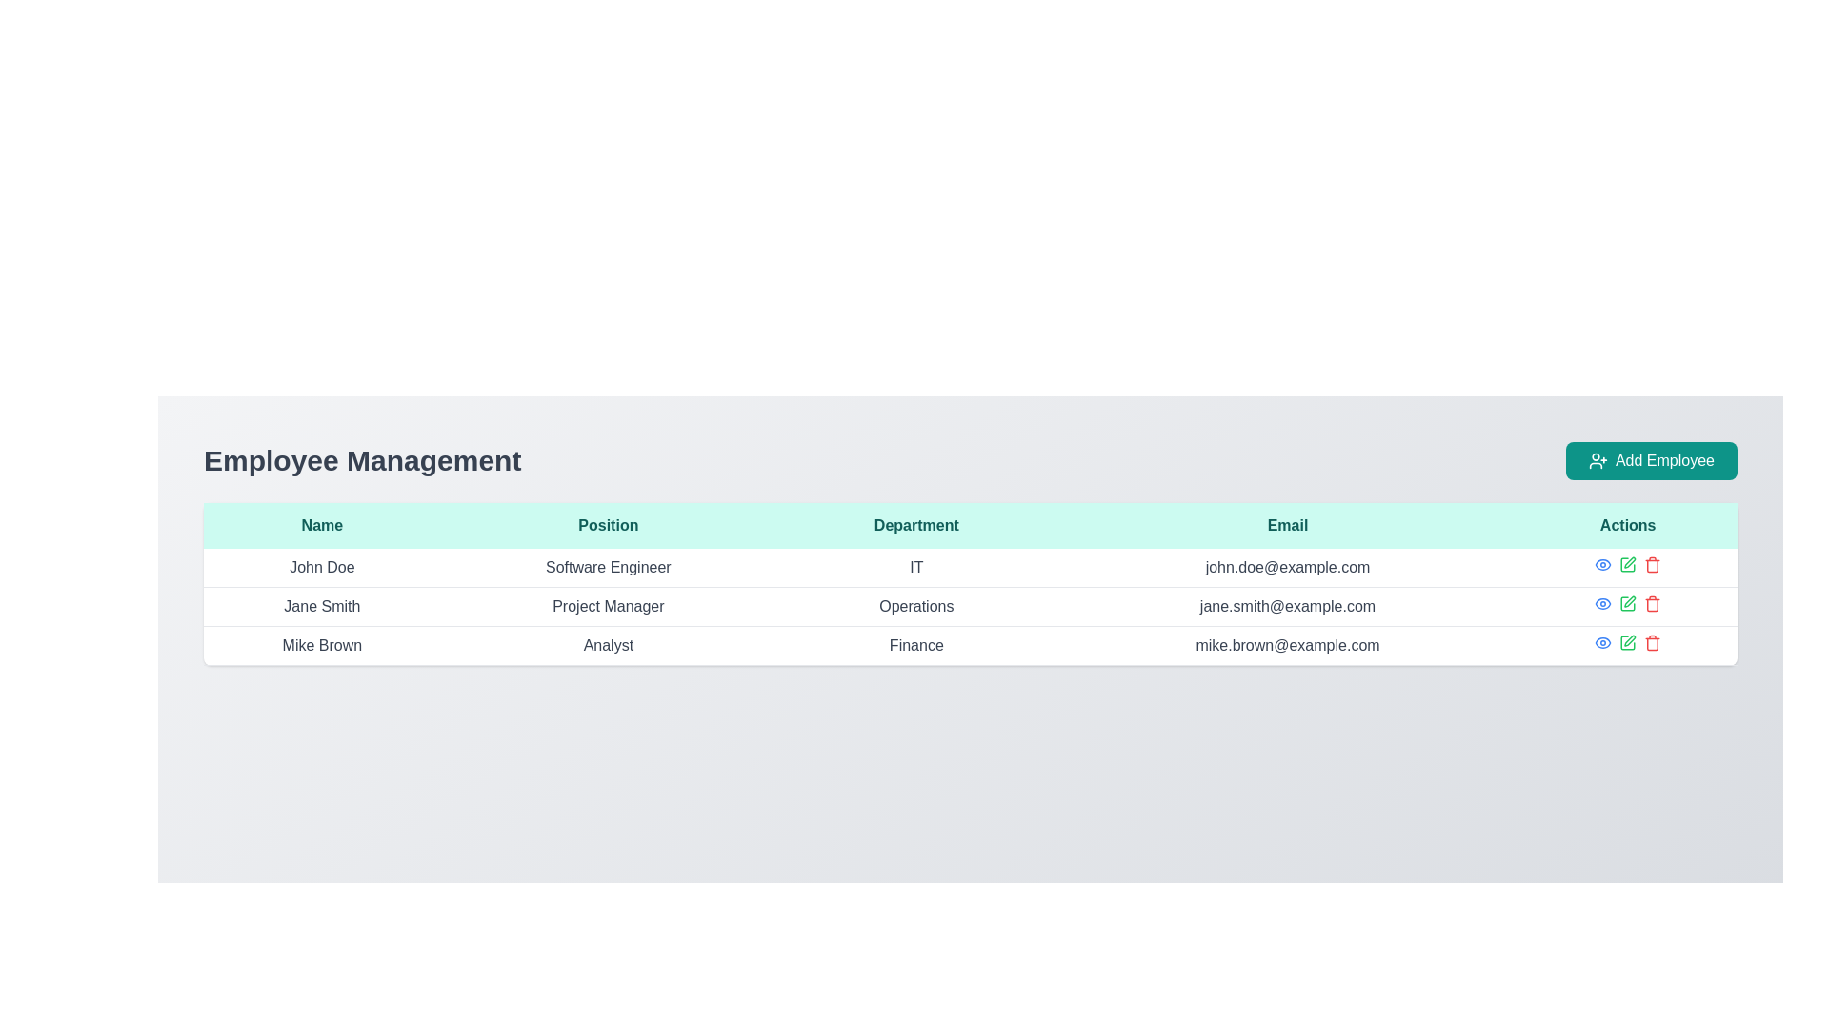 The image size is (1829, 1029). I want to click on the second row of the data table containing employee details, so click(970, 606).